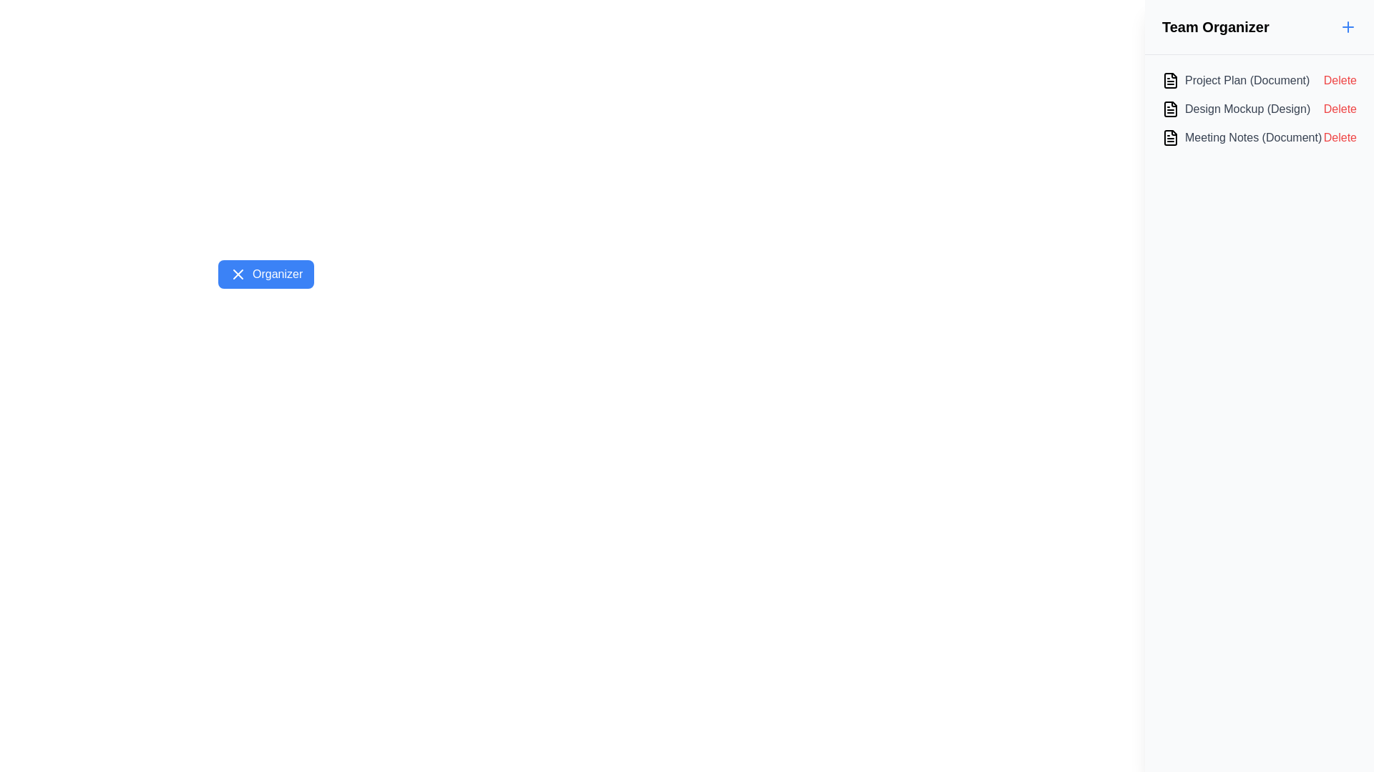 The width and height of the screenshot is (1374, 772). What do you see at coordinates (1339, 137) in the screenshot?
I see `the delete button associated with 'Meeting Notes (Document)' located under the 'Team Organizer' section, positioned to the right of the text` at bounding box center [1339, 137].